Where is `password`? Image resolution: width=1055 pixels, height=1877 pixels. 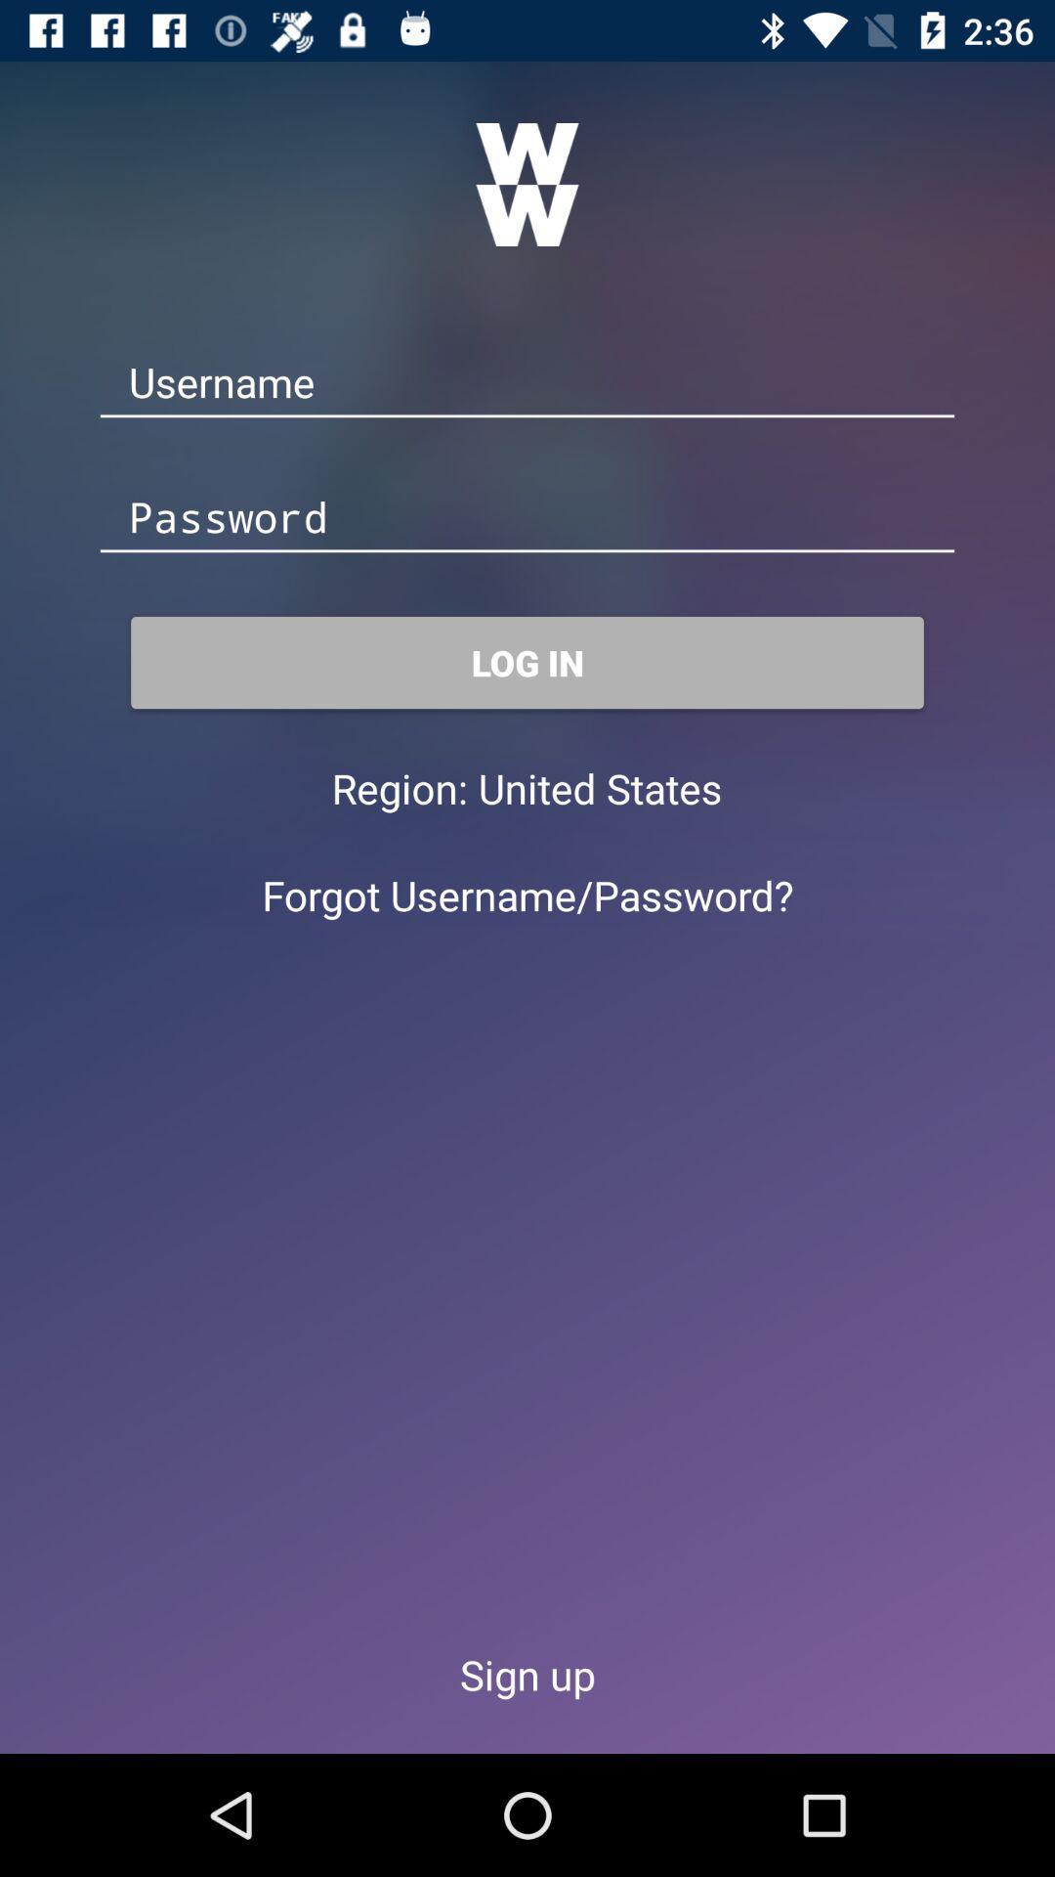
password is located at coordinates (527, 519).